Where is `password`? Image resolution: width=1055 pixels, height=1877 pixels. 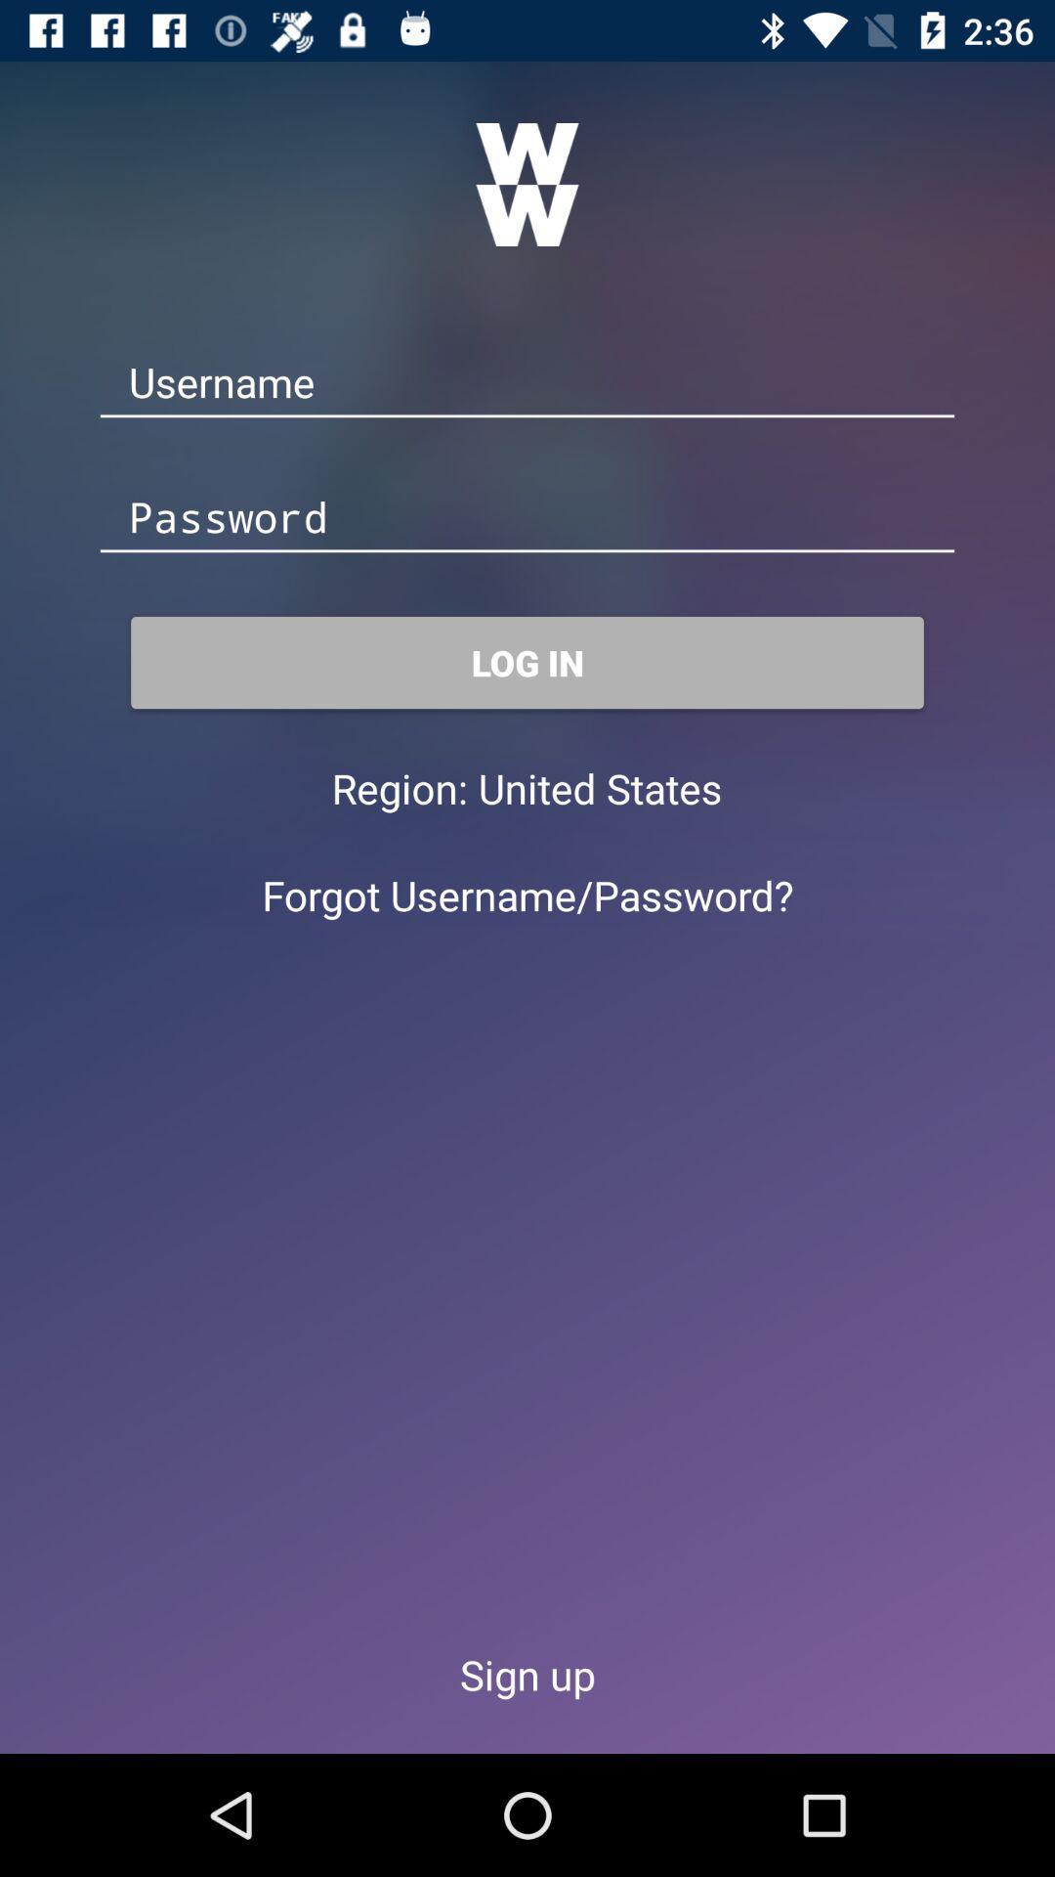
password is located at coordinates (527, 519).